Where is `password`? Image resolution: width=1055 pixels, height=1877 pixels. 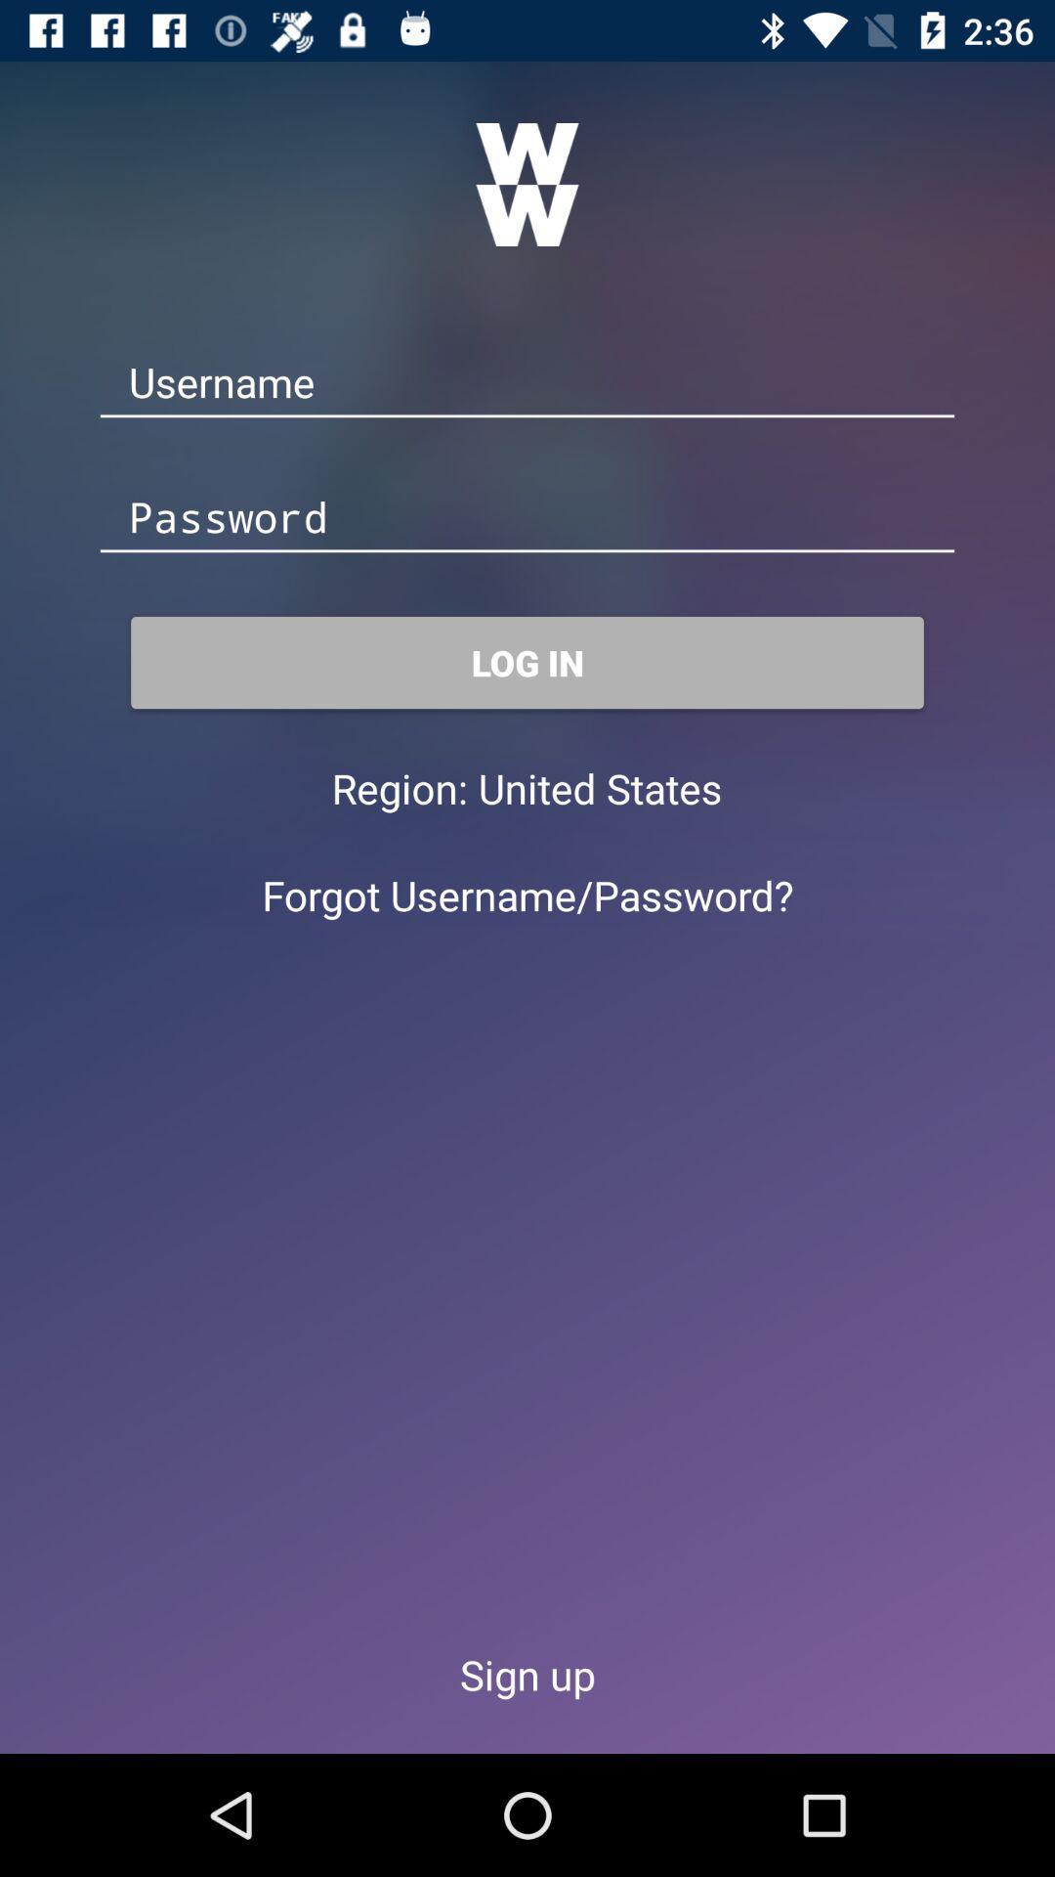
password is located at coordinates (527, 519).